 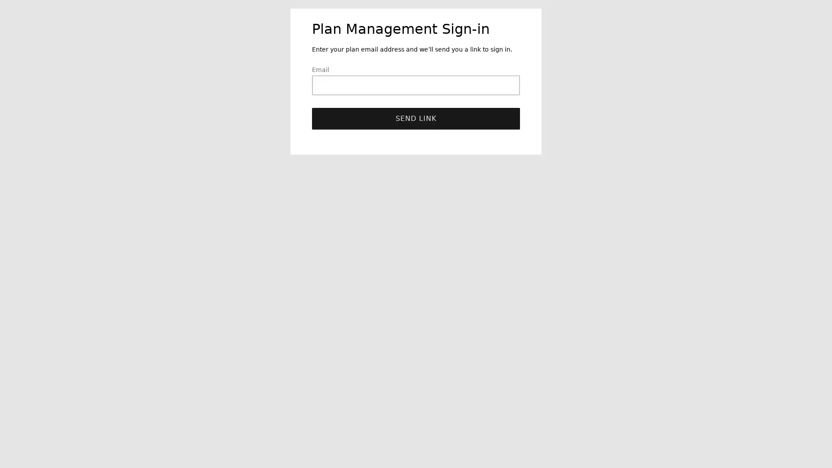 What do you see at coordinates (416, 118) in the screenshot?
I see `Send link` at bounding box center [416, 118].